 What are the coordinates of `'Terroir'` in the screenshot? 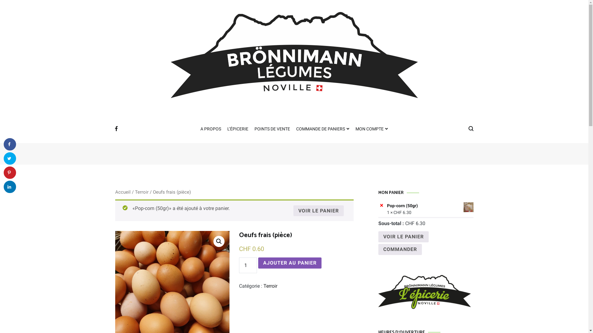 It's located at (270, 286).